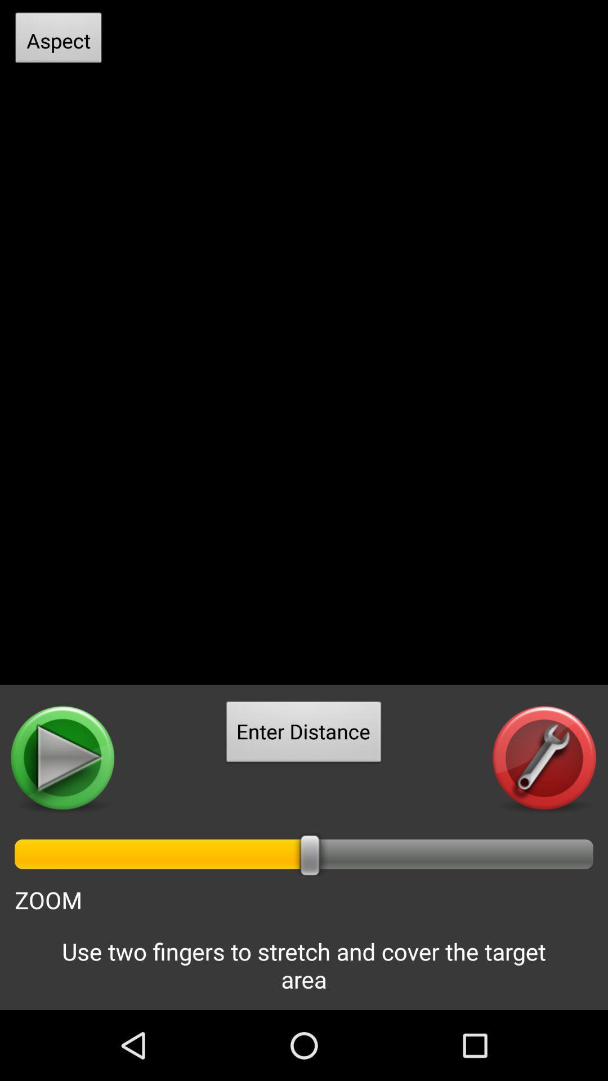  Describe the element at coordinates (63, 812) in the screenshot. I see `the folder icon` at that location.